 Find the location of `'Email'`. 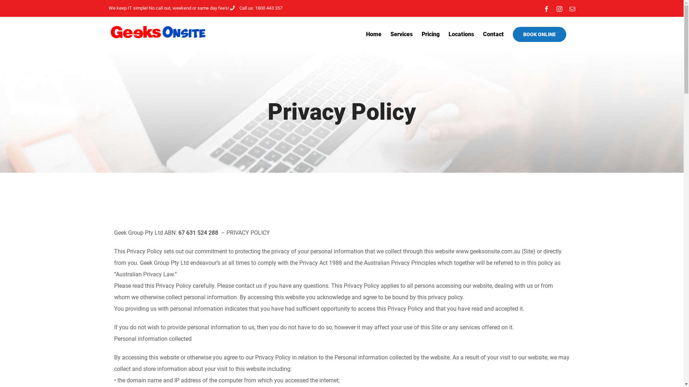

'Email' is located at coordinates (571, 8).